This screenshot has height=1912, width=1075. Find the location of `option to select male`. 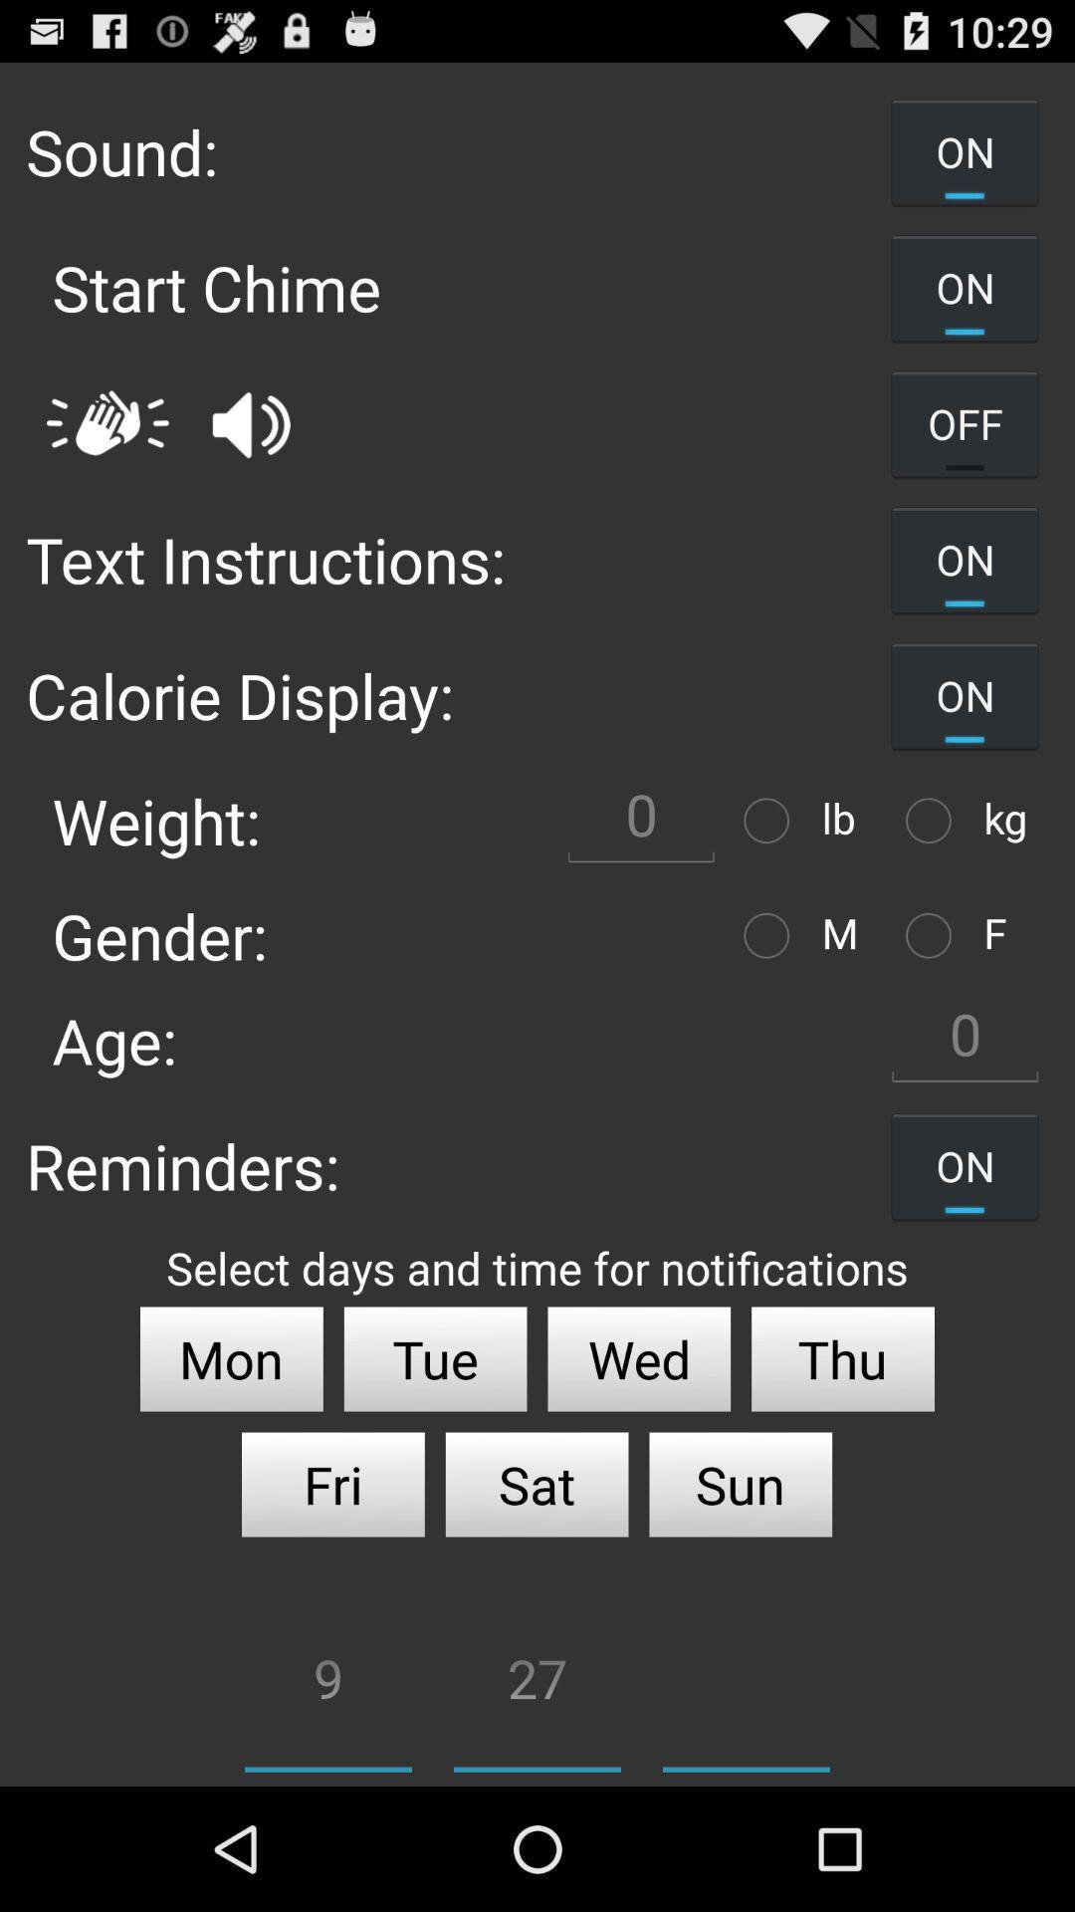

option to select male is located at coordinates (770, 934).